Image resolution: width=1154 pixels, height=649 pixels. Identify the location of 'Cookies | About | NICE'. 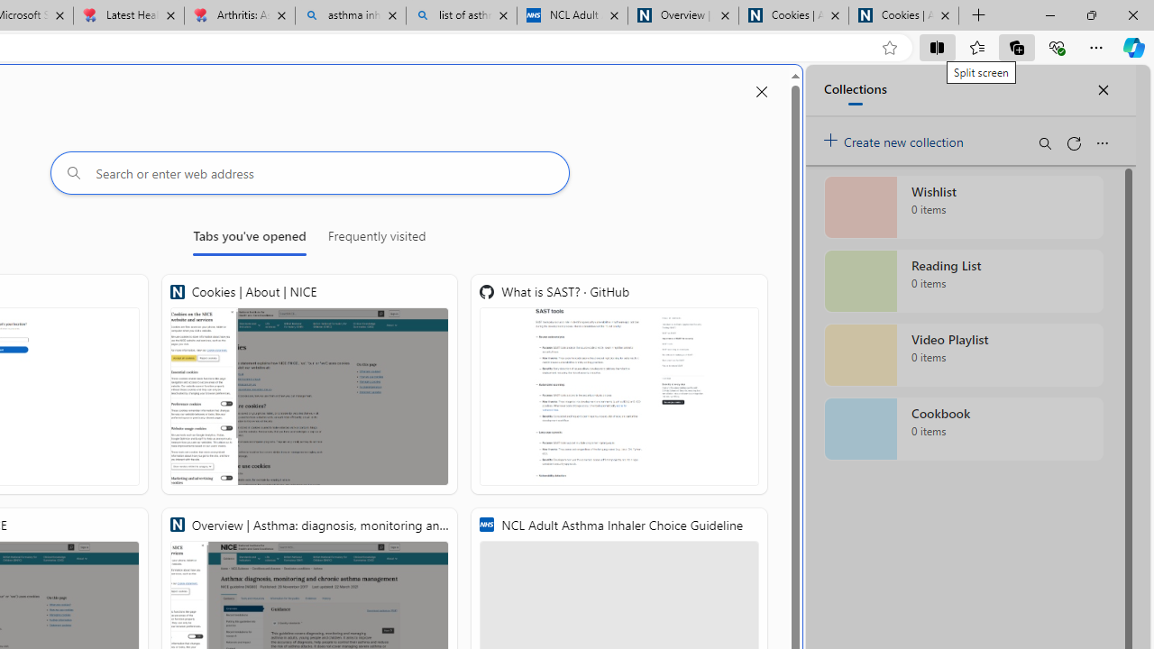
(309, 383).